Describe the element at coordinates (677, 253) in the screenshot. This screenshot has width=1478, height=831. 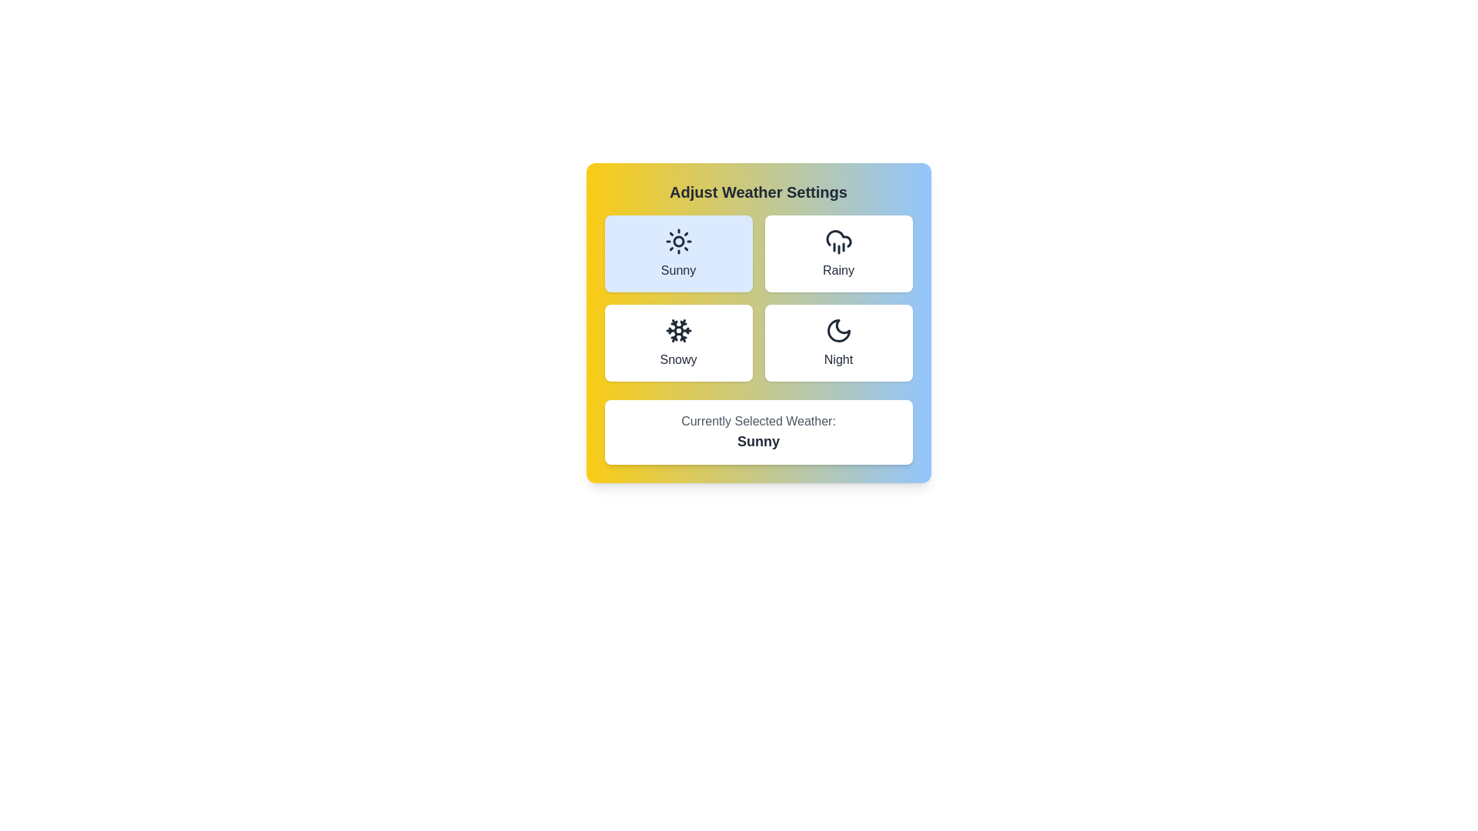
I see `the button representing the weather preference Sunny` at that location.